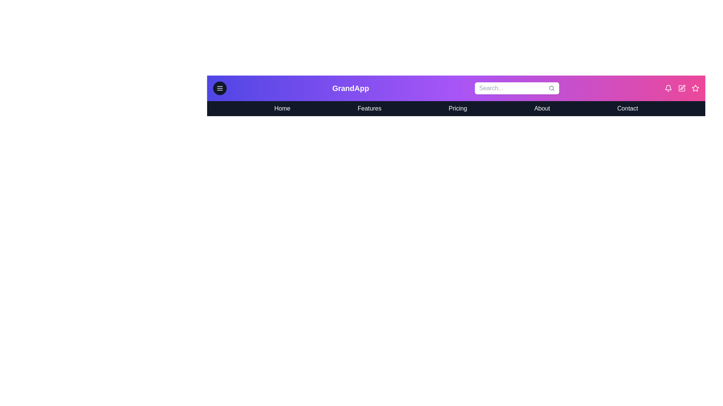  What do you see at coordinates (695, 88) in the screenshot?
I see `favorite star icon in the StyledAppBar component` at bounding box center [695, 88].